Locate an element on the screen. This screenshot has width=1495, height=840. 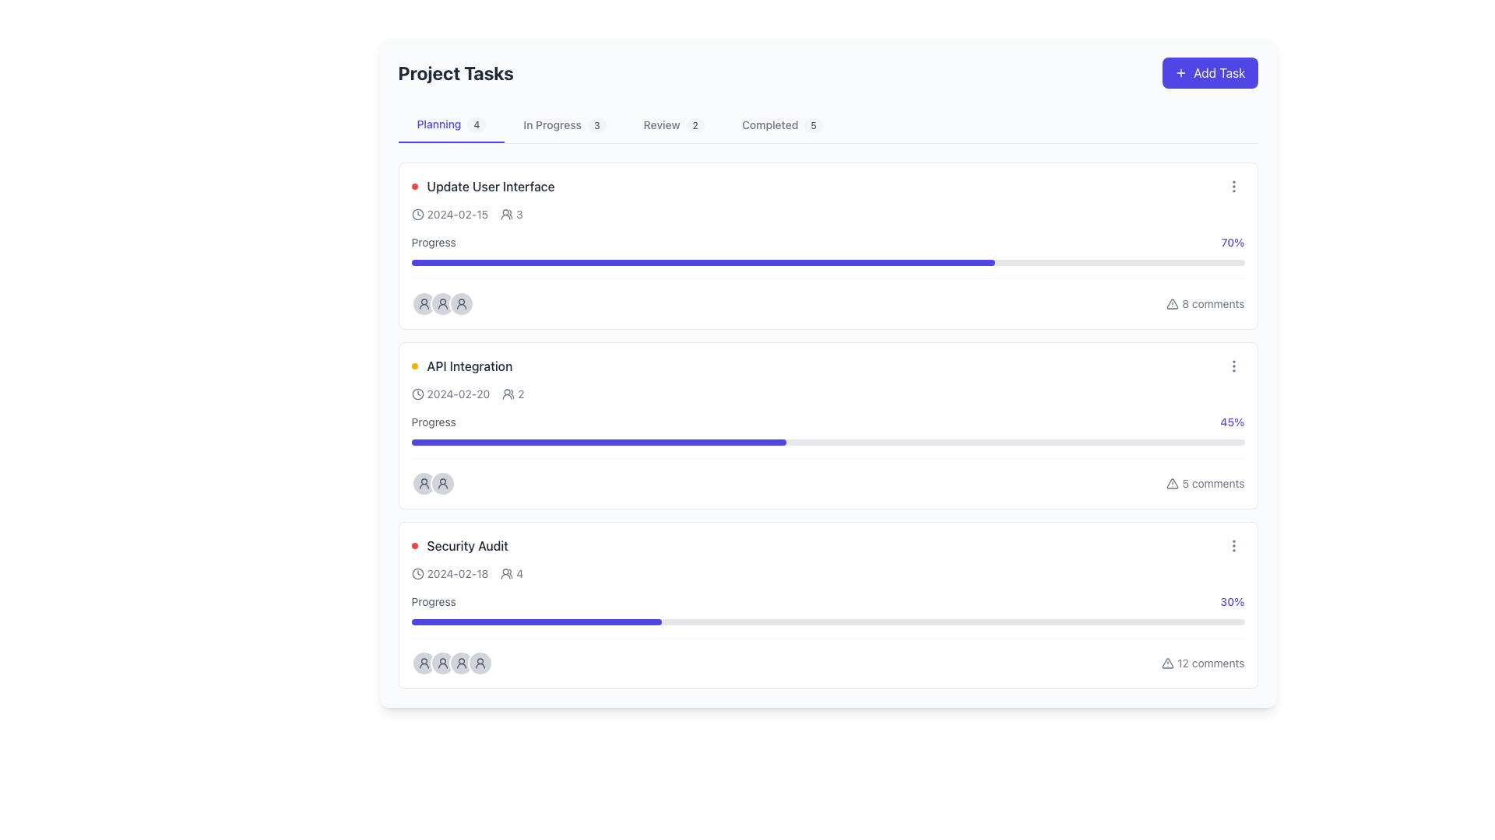
the task title display with status indicator located in the third task card from the top in the project tasks list is located at coordinates (459, 545).